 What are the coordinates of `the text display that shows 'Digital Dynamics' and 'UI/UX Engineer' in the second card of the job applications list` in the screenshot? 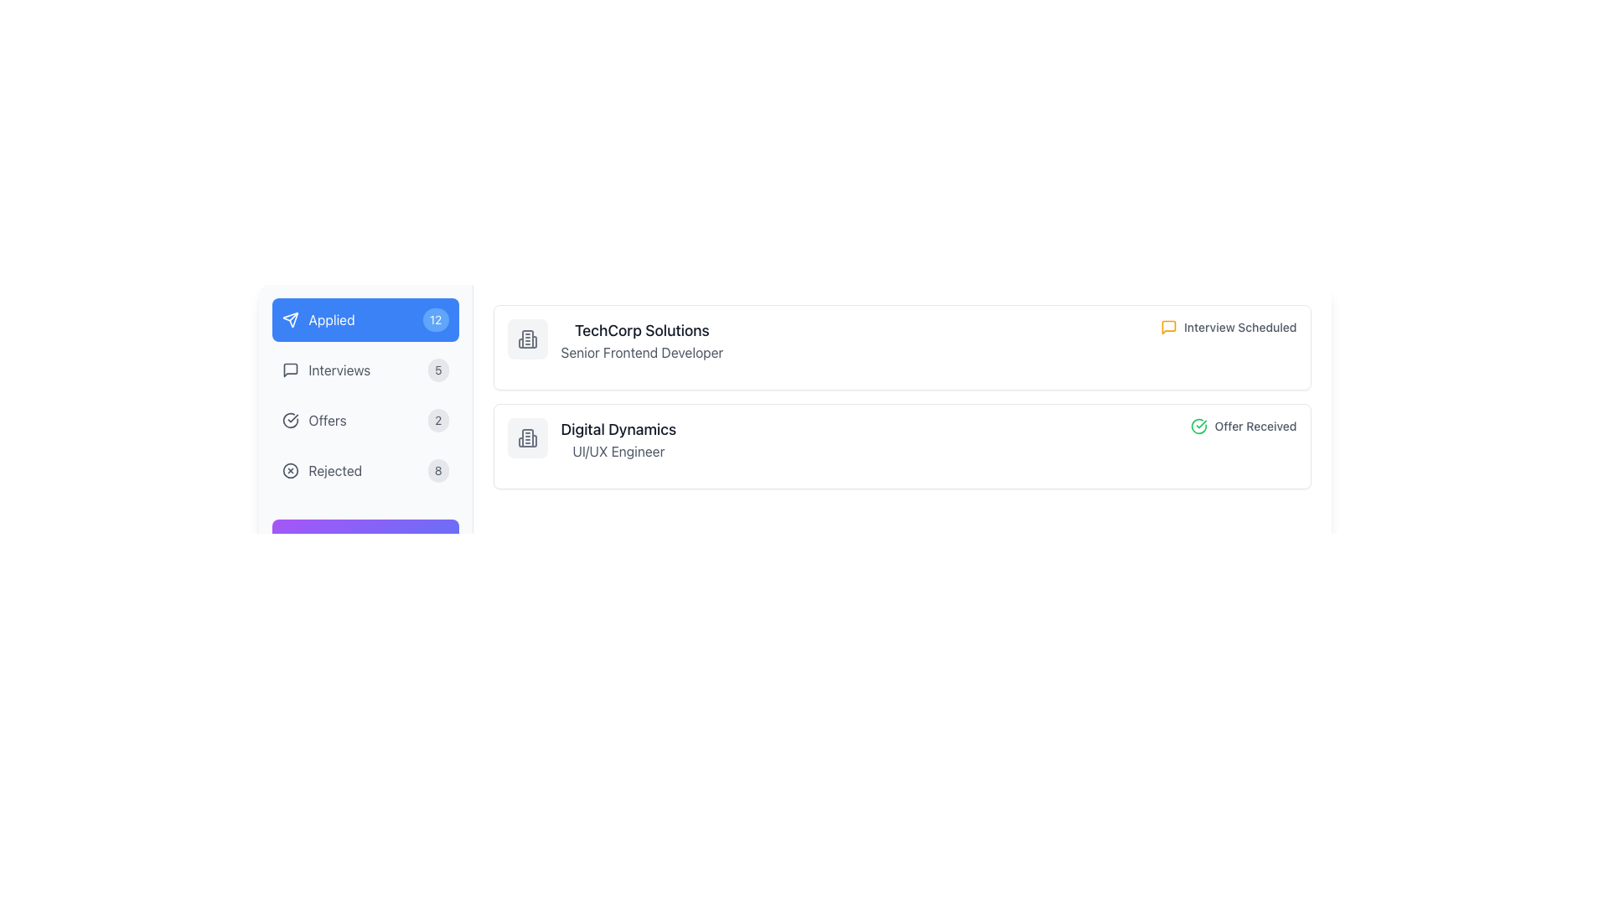 It's located at (618, 438).